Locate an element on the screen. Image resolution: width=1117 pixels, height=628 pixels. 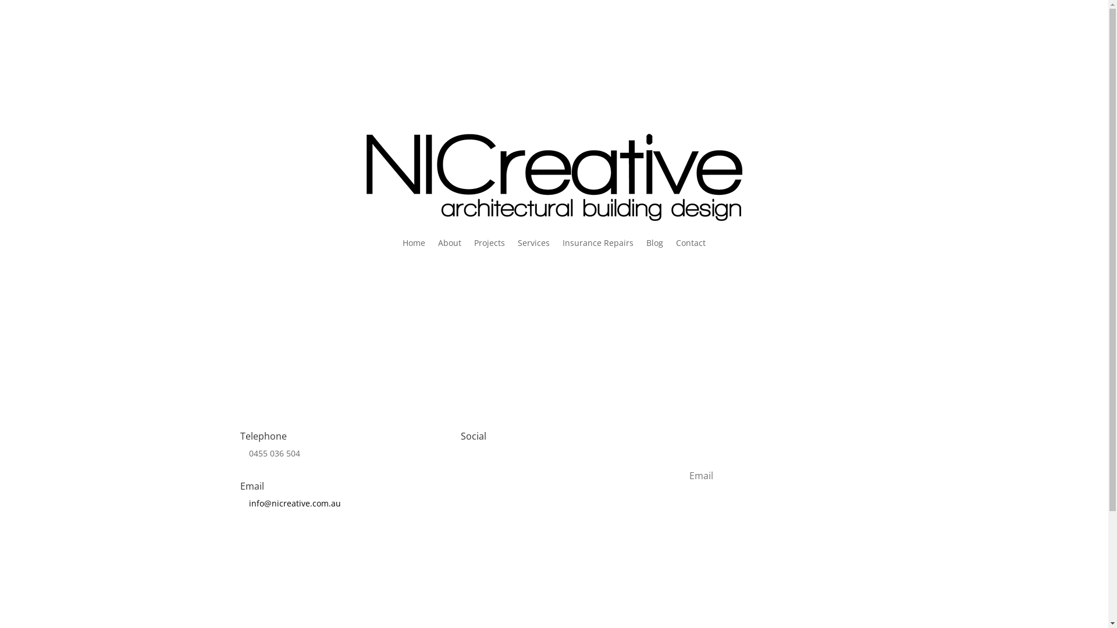
'Follow on LinkedIn' is located at coordinates (516, 473).